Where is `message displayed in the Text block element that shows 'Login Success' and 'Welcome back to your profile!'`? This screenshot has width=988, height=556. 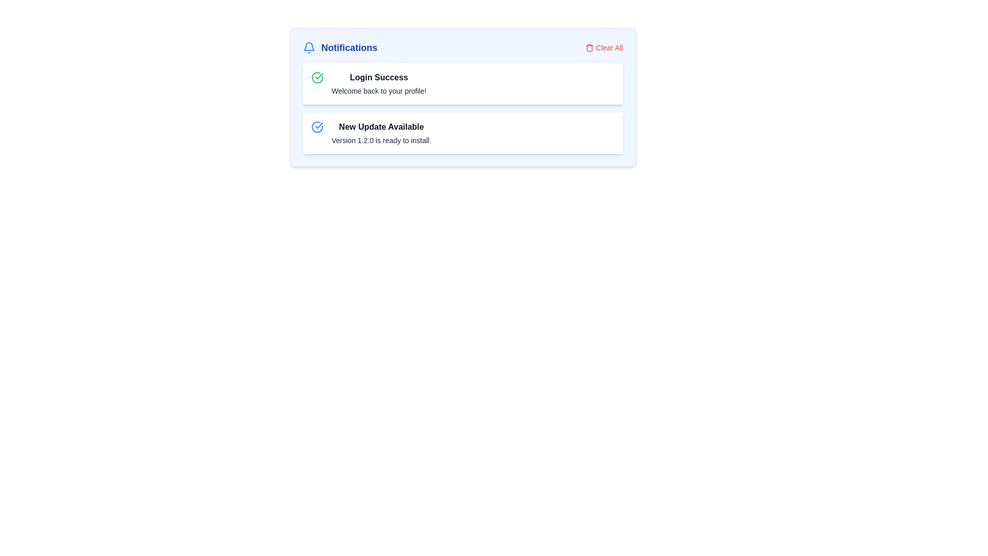 message displayed in the Text block element that shows 'Login Success' and 'Welcome back to your profile!' is located at coordinates (378, 83).